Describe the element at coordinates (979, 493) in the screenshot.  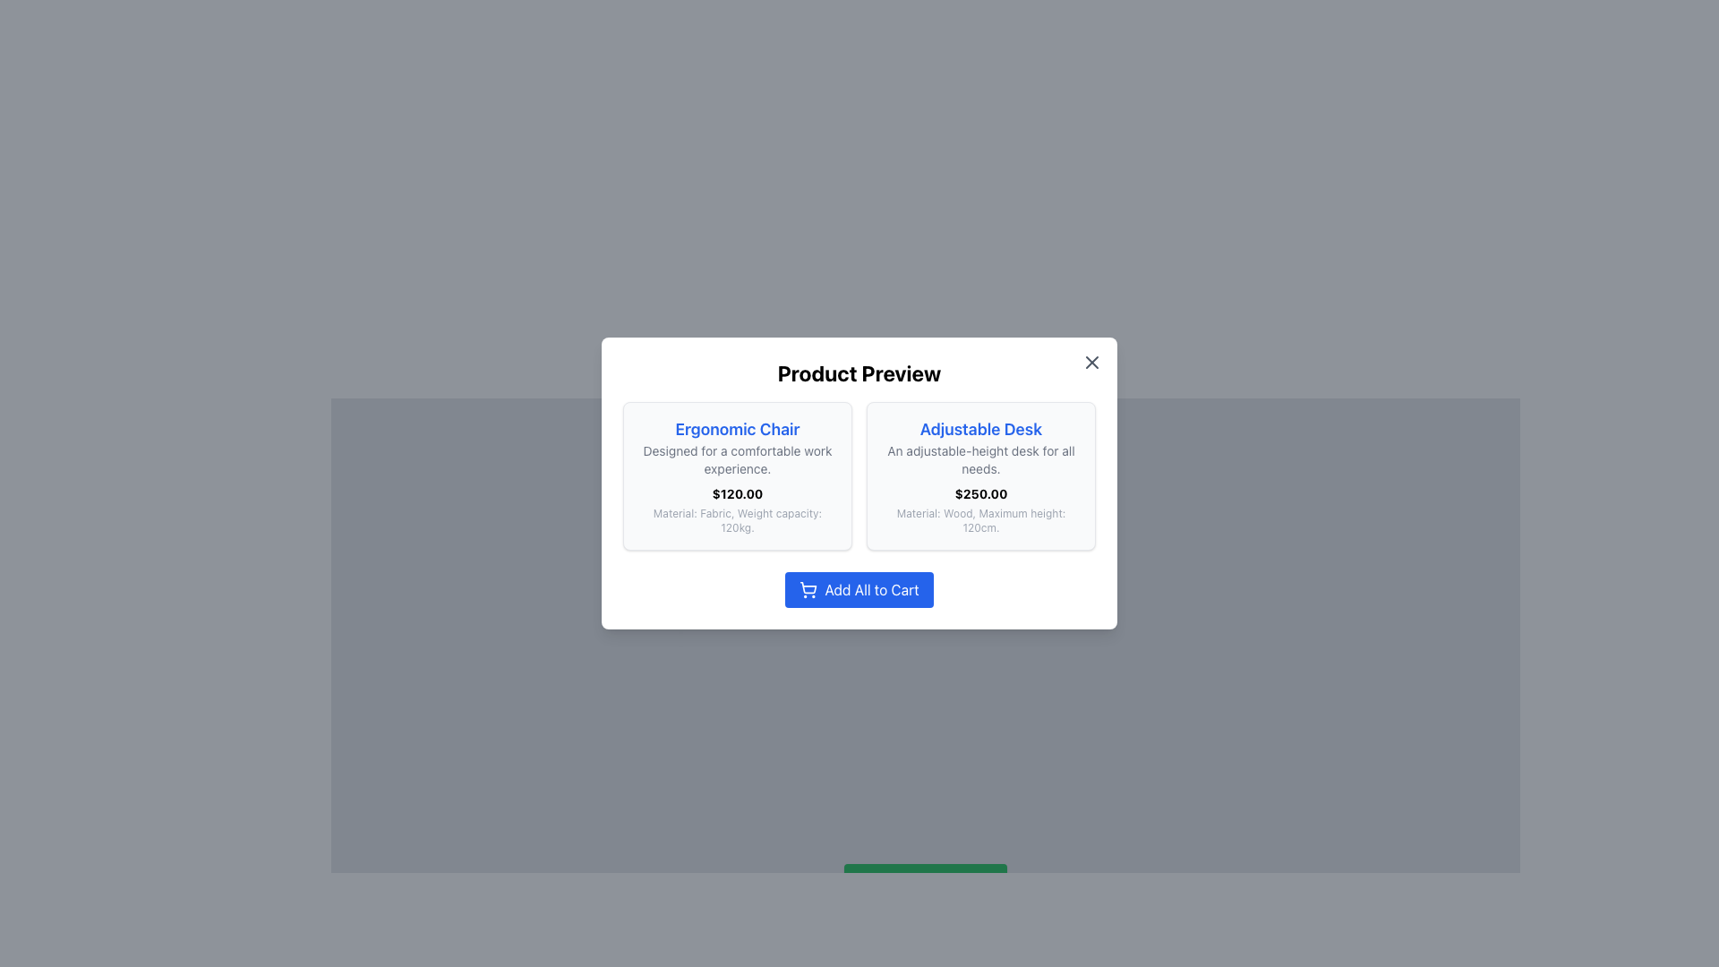
I see `the price text label displaying '$250.00' in bold within the 'Adjustable Desk' card in the 'Product Preview' modal` at that location.